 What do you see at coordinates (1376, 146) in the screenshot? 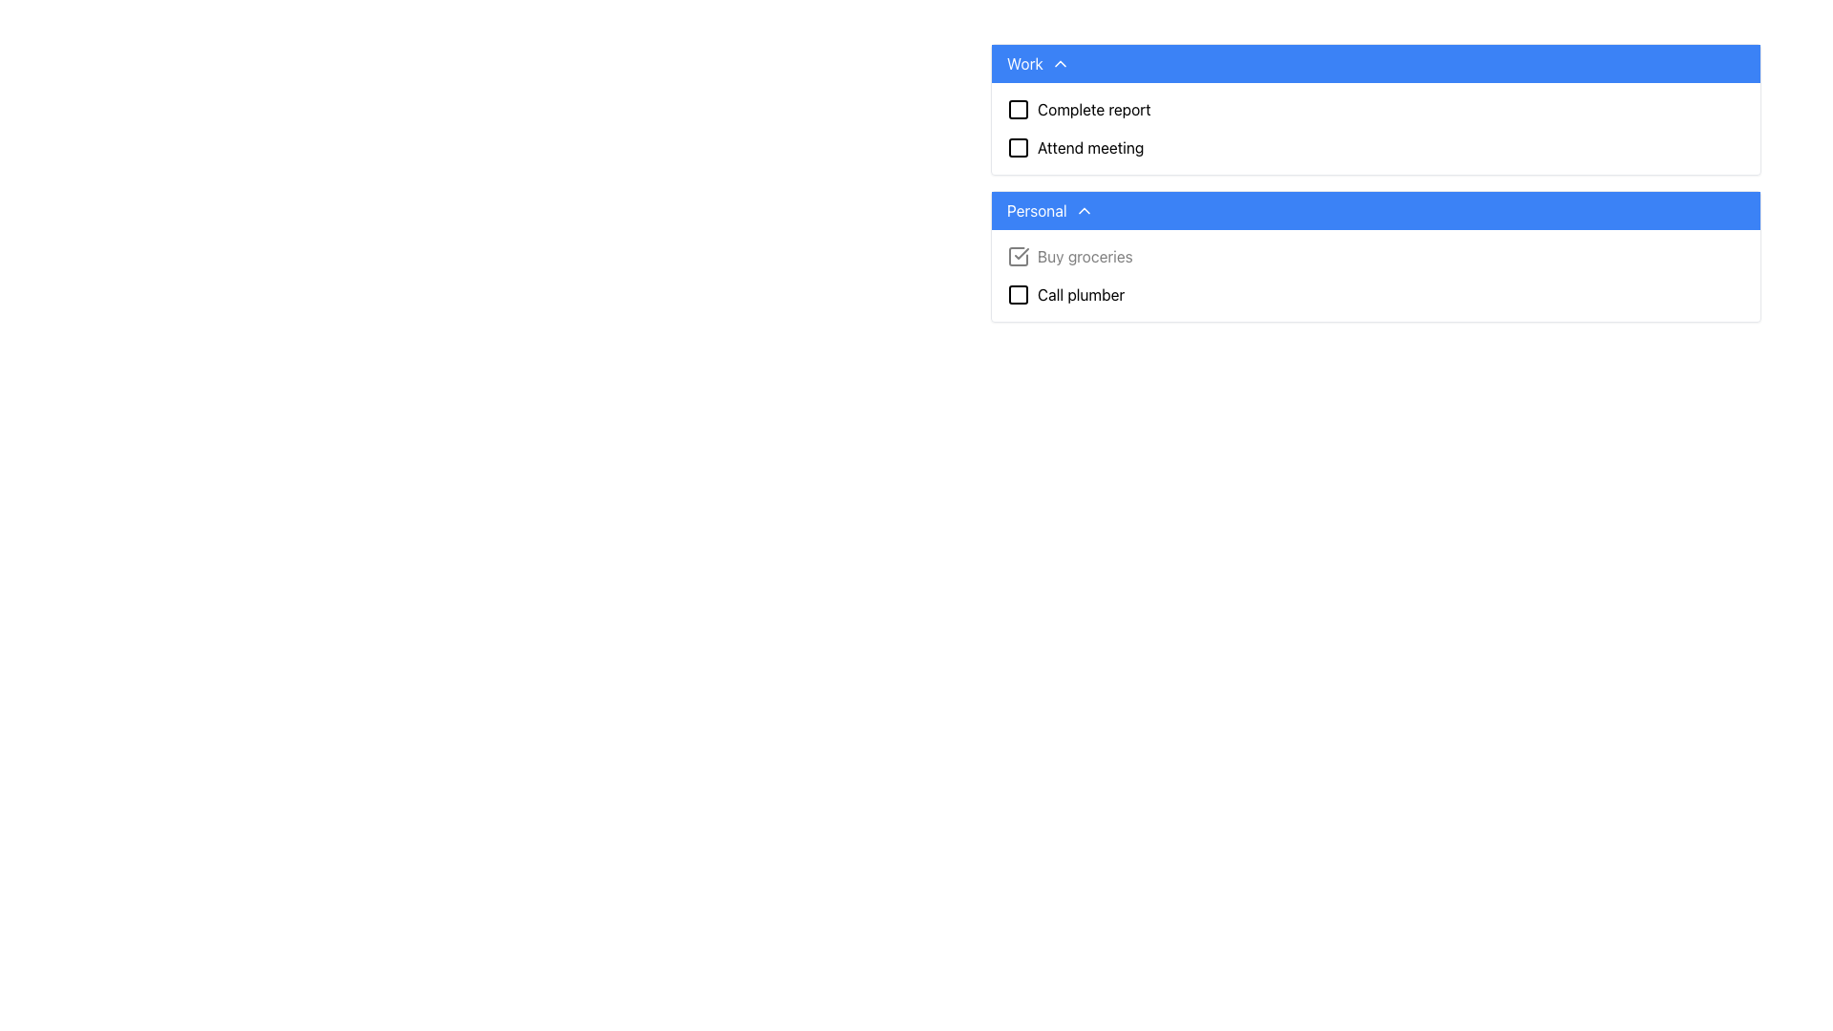
I see `the checkbox in the second task item row that says 'Attend meeting' to mark the task as completed` at bounding box center [1376, 146].